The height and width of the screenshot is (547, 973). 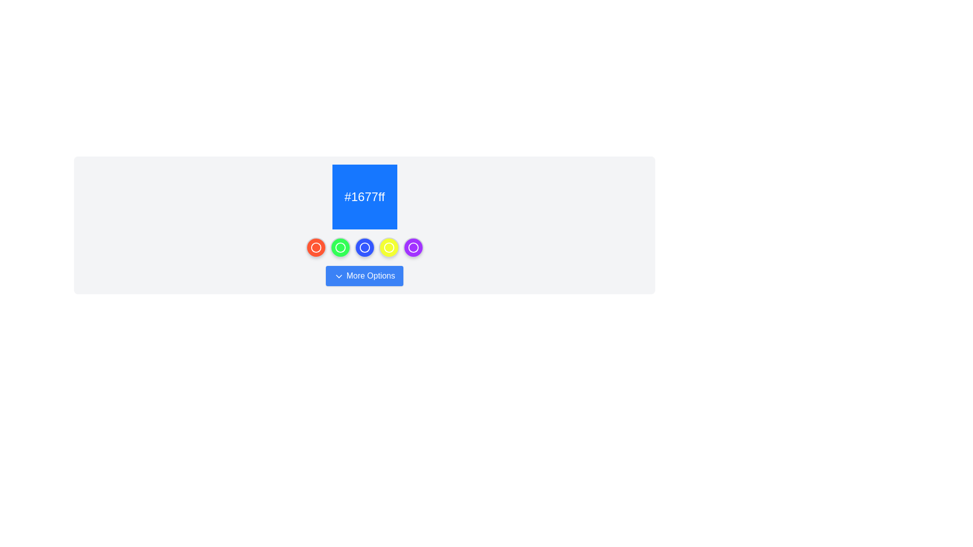 I want to click on the circular button with a green background and white border, so click(x=340, y=248).